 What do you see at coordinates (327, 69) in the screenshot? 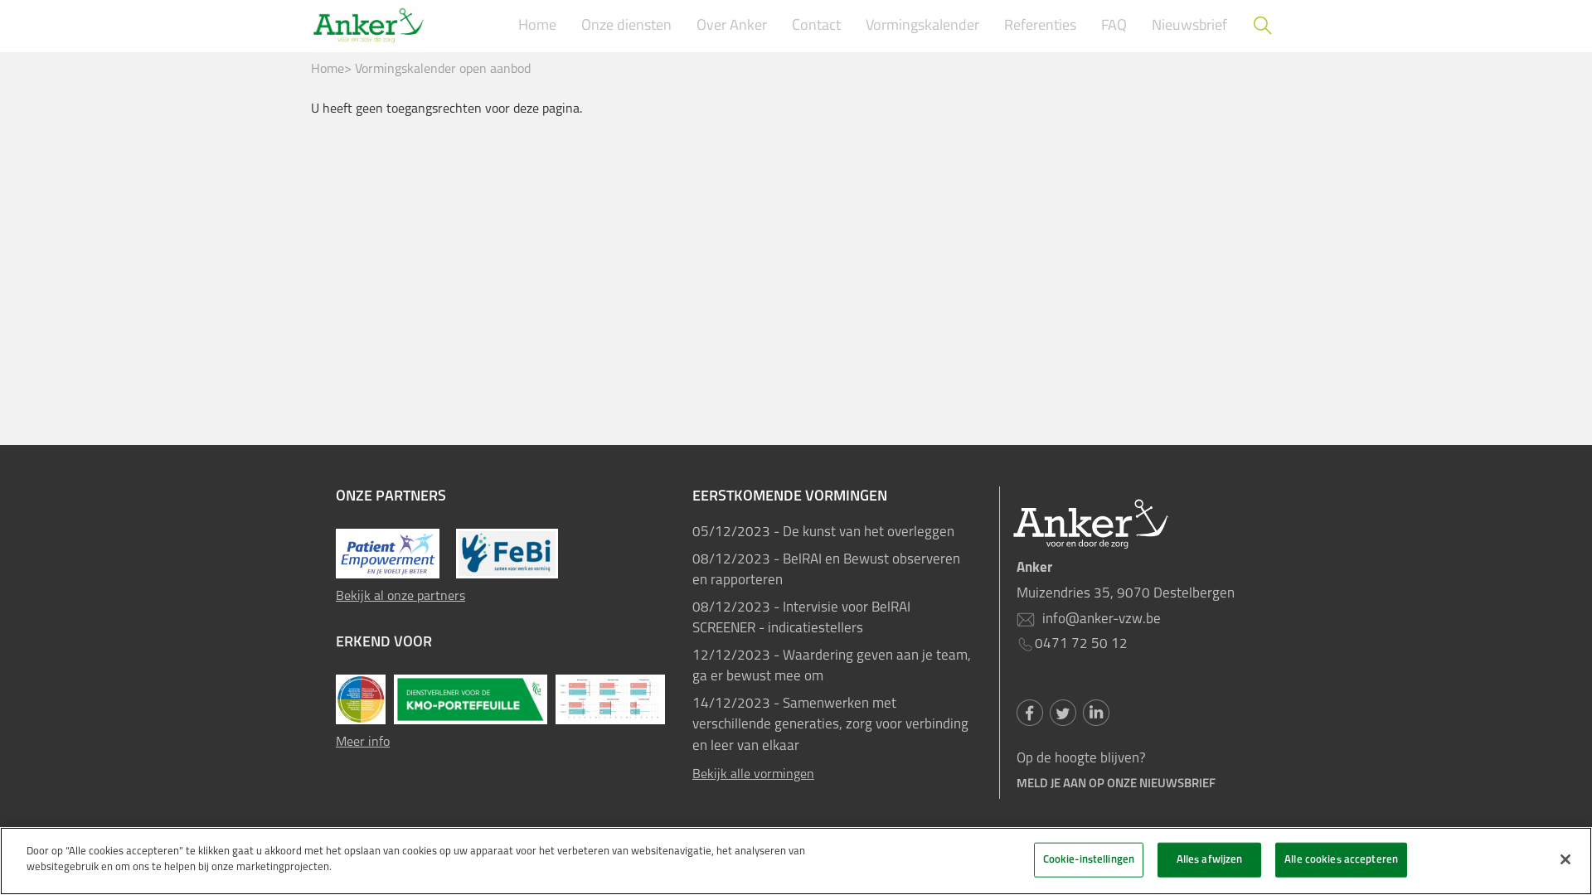
I see `'Home'` at bounding box center [327, 69].